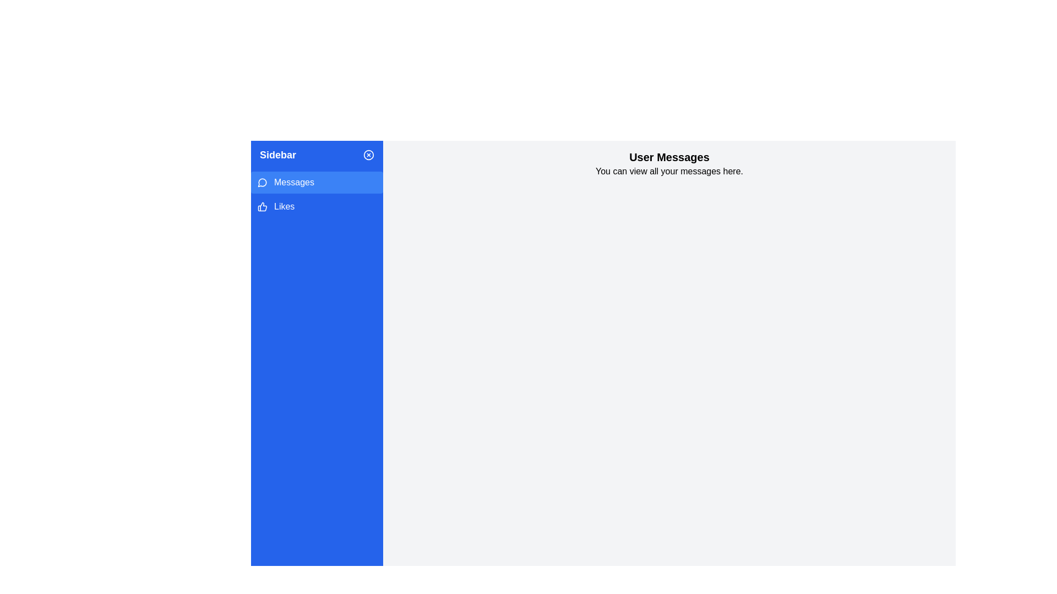 The image size is (1057, 594). What do you see at coordinates (261, 206) in the screenshot?
I see `the vector graphic icon that indicates the 'Likes' menu item, located in the sidebar to the left of the 'Likes' label` at bounding box center [261, 206].